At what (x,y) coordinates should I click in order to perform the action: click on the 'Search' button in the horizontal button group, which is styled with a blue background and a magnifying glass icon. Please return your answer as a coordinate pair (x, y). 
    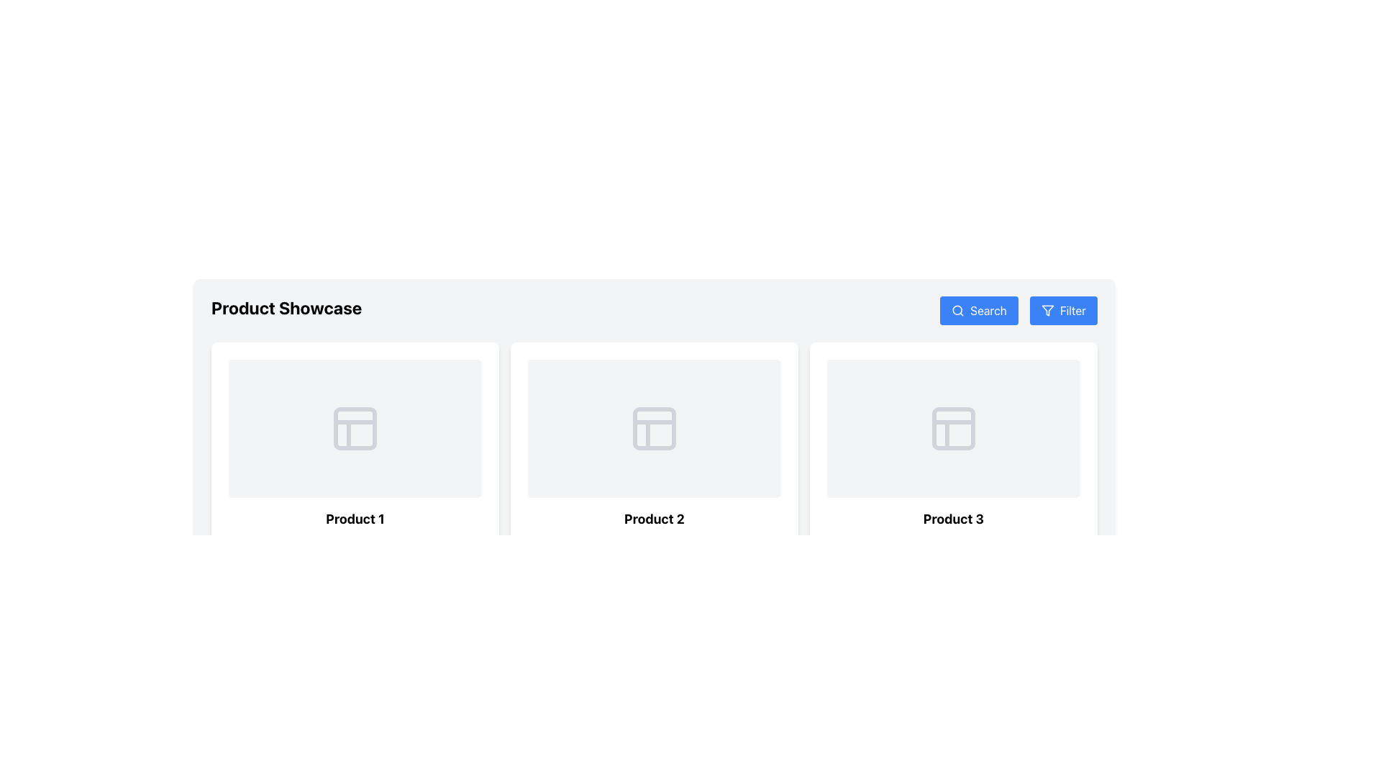
    Looking at the image, I should click on (1018, 310).